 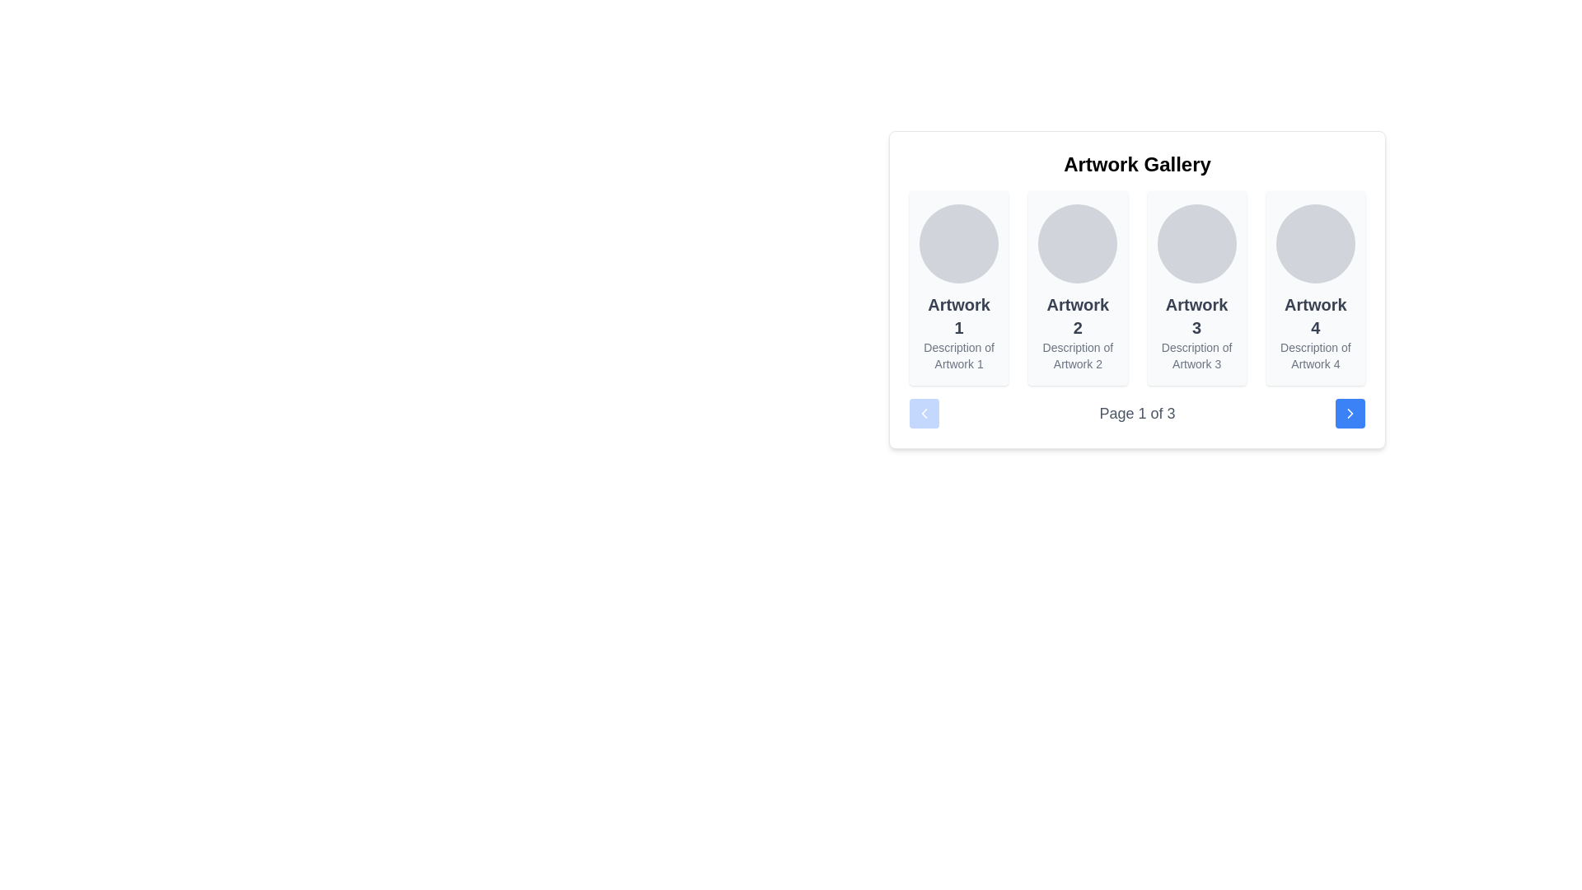 What do you see at coordinates (1136, 412) in the screenshot?
I see `text from the label displaying 'Page 1 of 3', which is centrally located below a gallery of items, to understand the current page information` at bounding box center [1136, 412].